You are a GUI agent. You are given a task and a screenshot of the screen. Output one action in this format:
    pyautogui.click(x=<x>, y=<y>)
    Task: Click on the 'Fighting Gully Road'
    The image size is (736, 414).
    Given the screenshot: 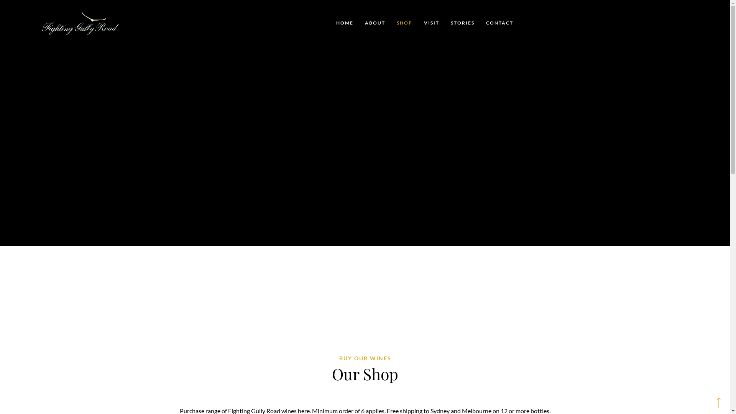 What is the action you would take?
    pyautogui.click(x=90, y=23)
    